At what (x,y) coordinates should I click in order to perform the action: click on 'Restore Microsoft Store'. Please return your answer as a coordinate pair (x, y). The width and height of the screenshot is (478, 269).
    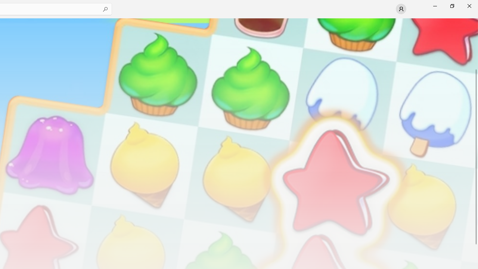
    Looking at the image, I should click on (451, 6).